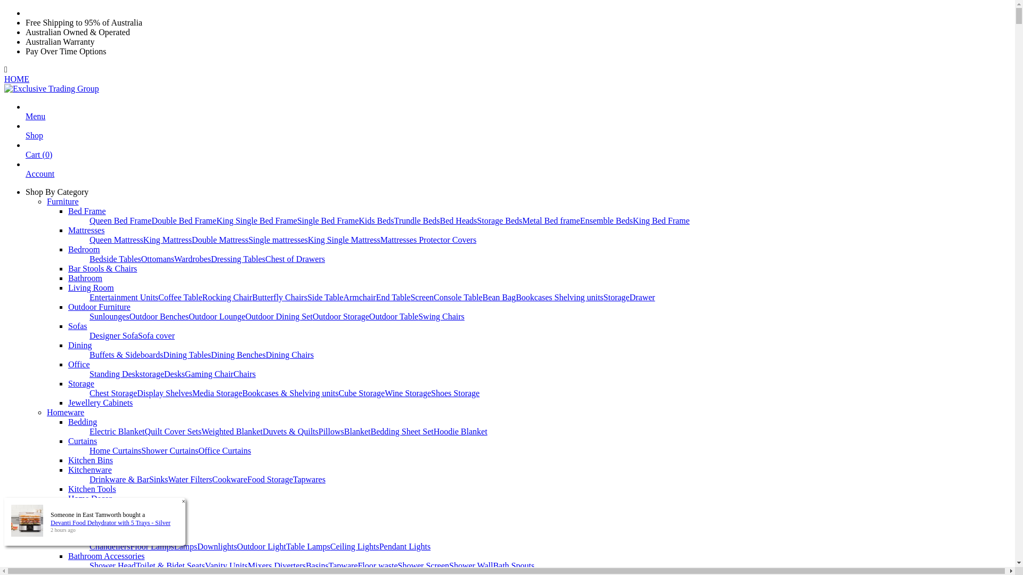 The height and width of the screenshot is (575, 1023). Describe the element at coordinates (362, 393) in the screenshot. I see `'Cube Storage'` at that location.